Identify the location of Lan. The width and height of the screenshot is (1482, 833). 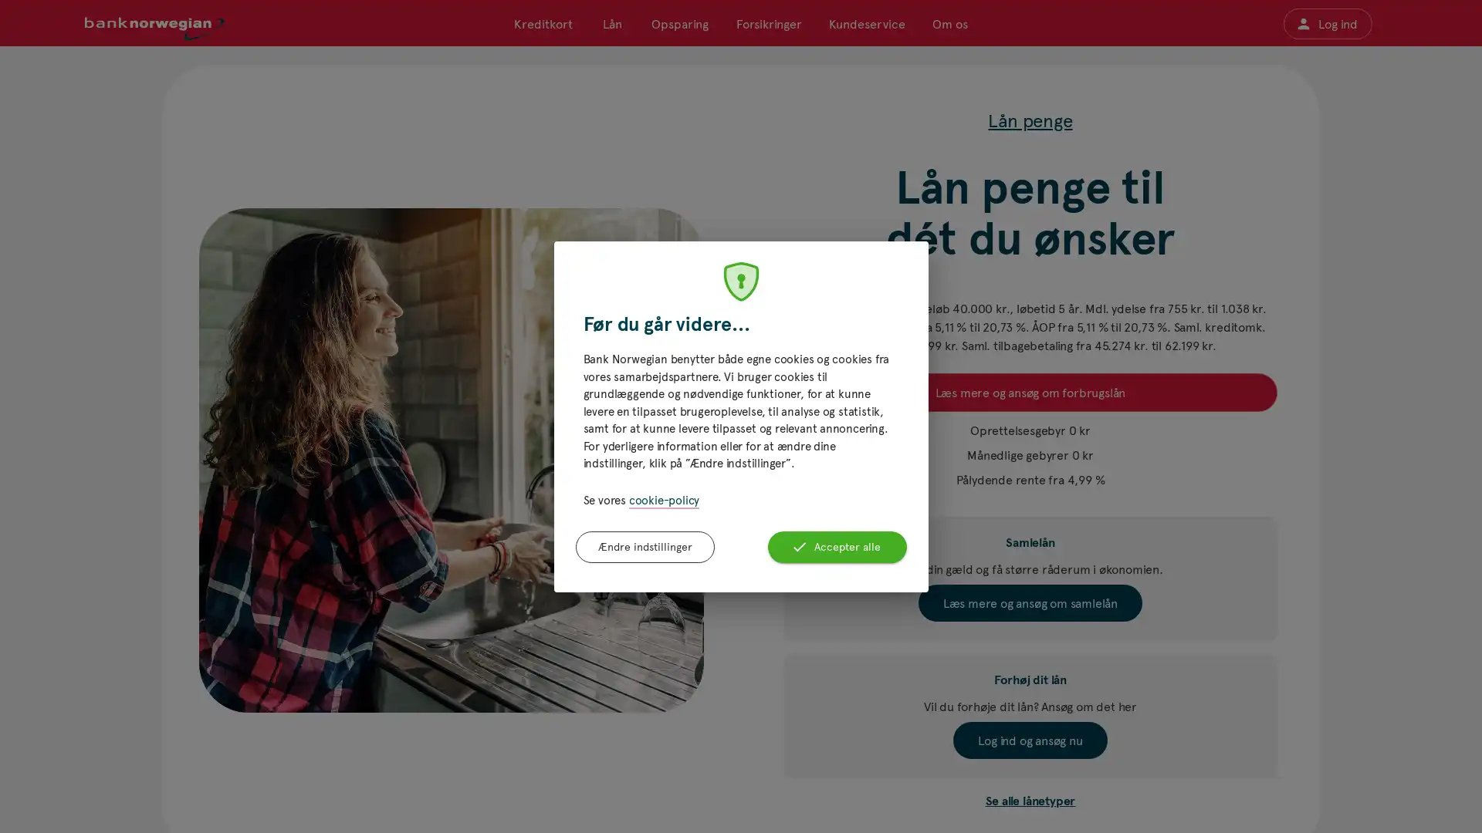
(611, 23).